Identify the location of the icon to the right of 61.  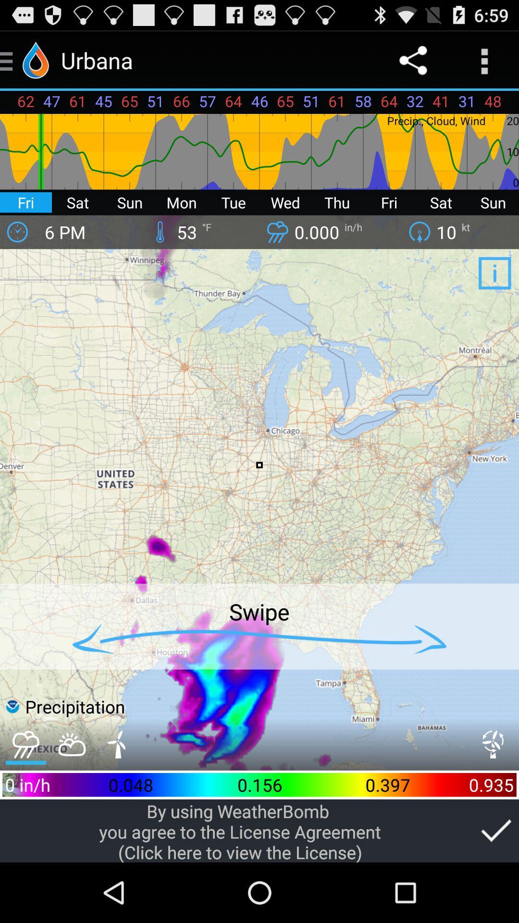
(412, 60).